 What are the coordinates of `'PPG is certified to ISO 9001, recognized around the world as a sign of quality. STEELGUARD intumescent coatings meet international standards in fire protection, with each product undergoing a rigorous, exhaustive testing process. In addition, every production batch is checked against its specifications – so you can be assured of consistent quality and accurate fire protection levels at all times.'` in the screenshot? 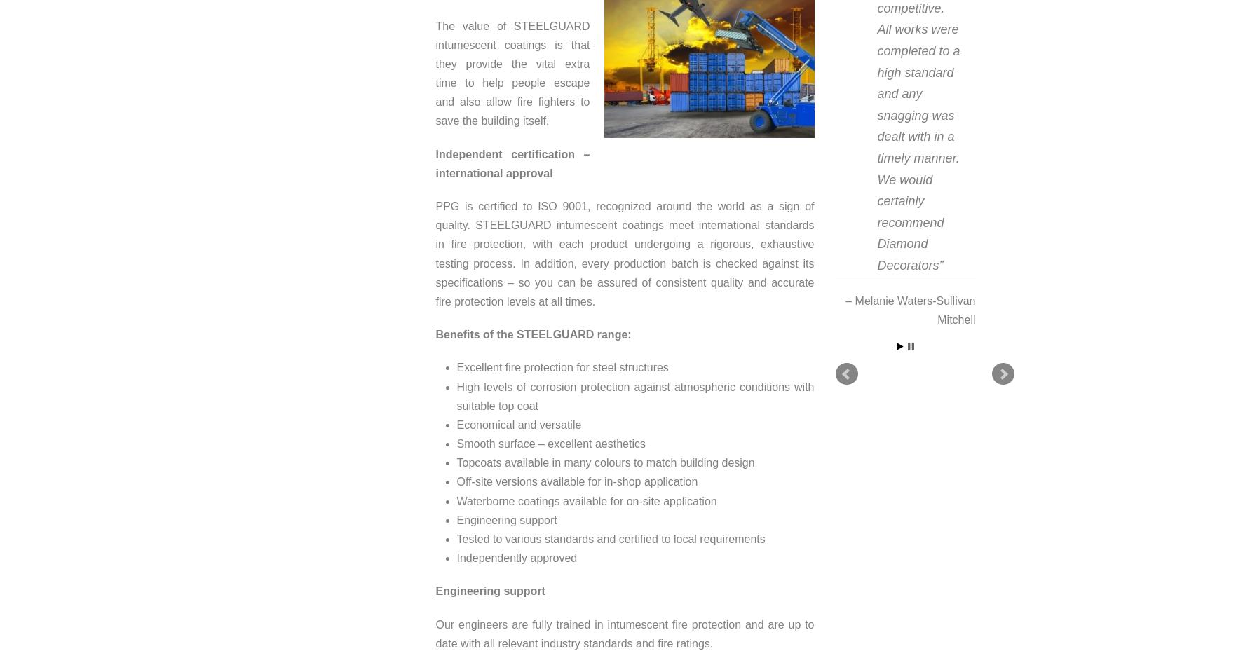 It's located at (624, 252).